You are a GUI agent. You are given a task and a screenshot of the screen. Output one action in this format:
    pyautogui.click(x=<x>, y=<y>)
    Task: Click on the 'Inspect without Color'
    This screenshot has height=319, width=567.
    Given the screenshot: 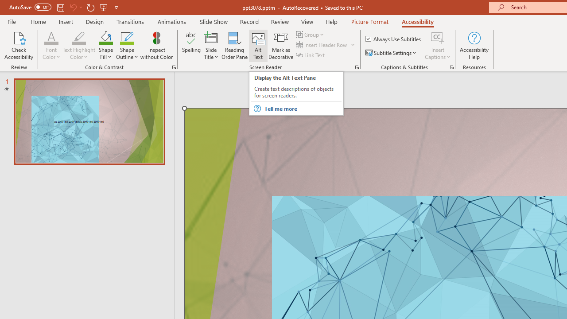 What is the action you would take?
    pyautogui.click(x=156, y=46)
    